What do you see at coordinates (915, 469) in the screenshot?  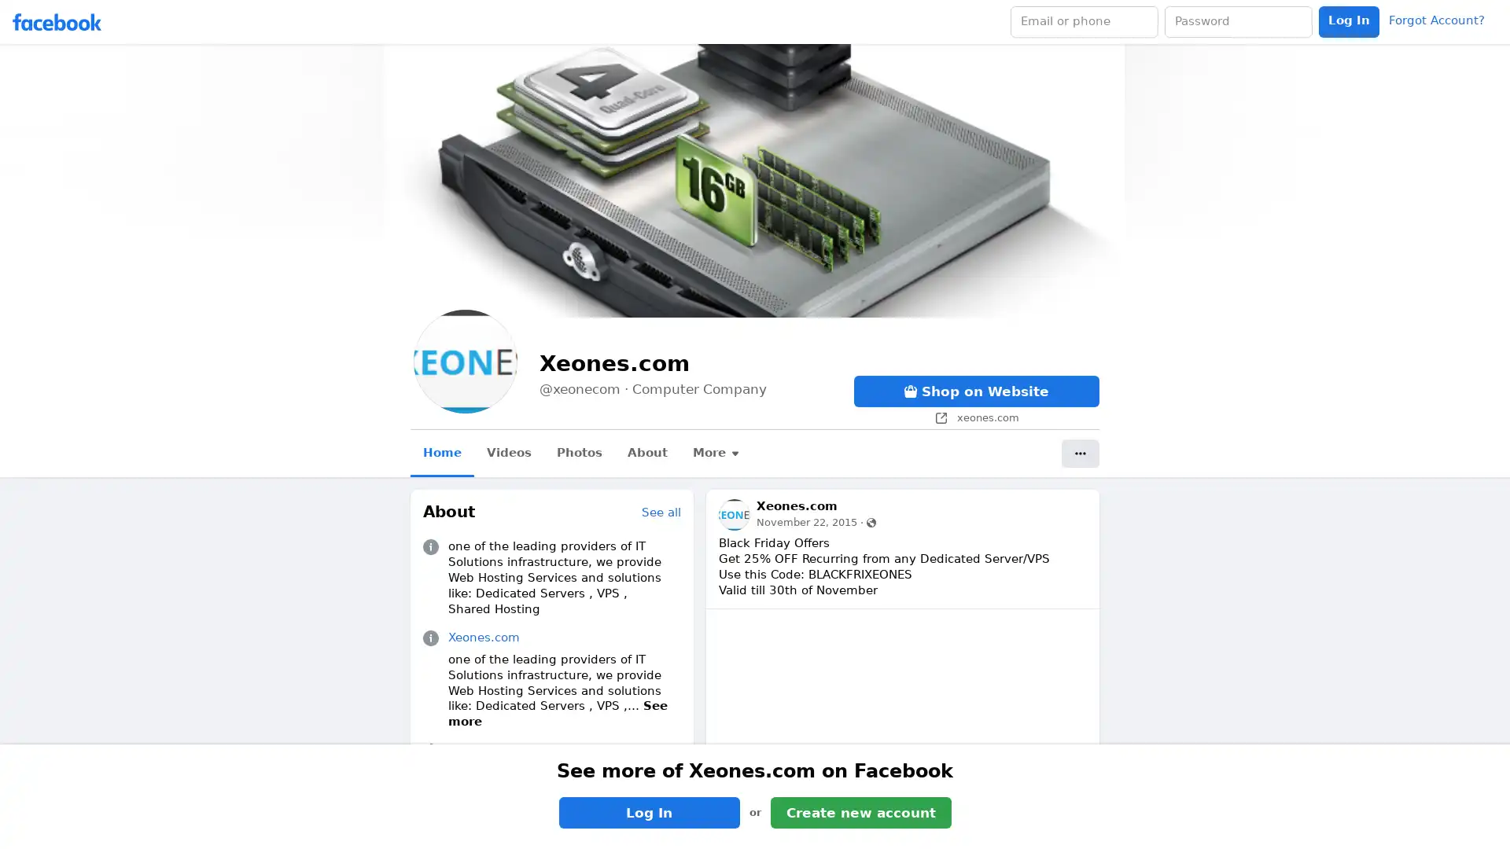 I see `OK` at bounding box center [915, 469].